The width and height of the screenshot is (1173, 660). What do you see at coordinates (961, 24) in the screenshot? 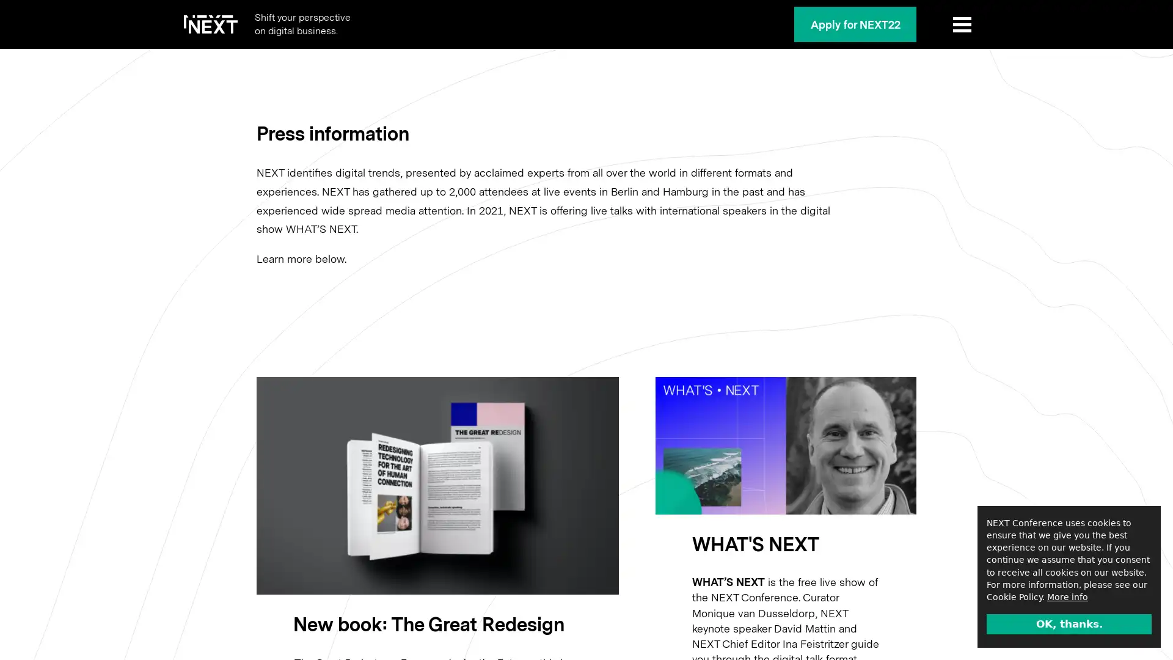
I see `Show Menu` at bounding box center [961, 24].